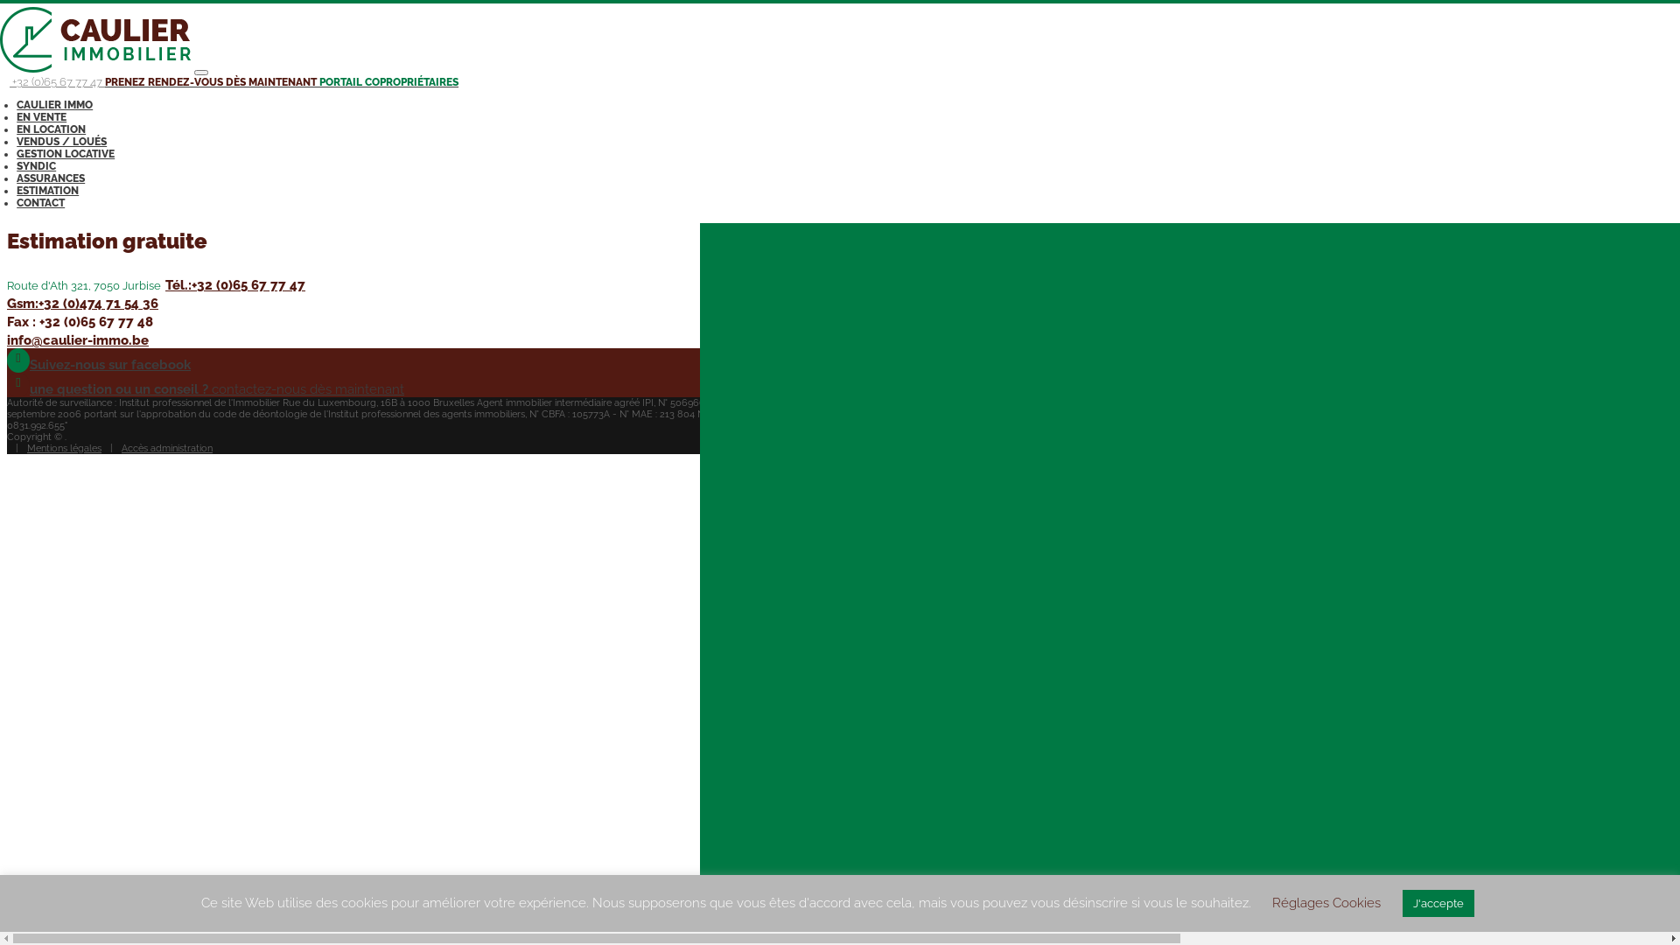  I want to click on '+32 (0)65 67 77 47', so click(52, 81).